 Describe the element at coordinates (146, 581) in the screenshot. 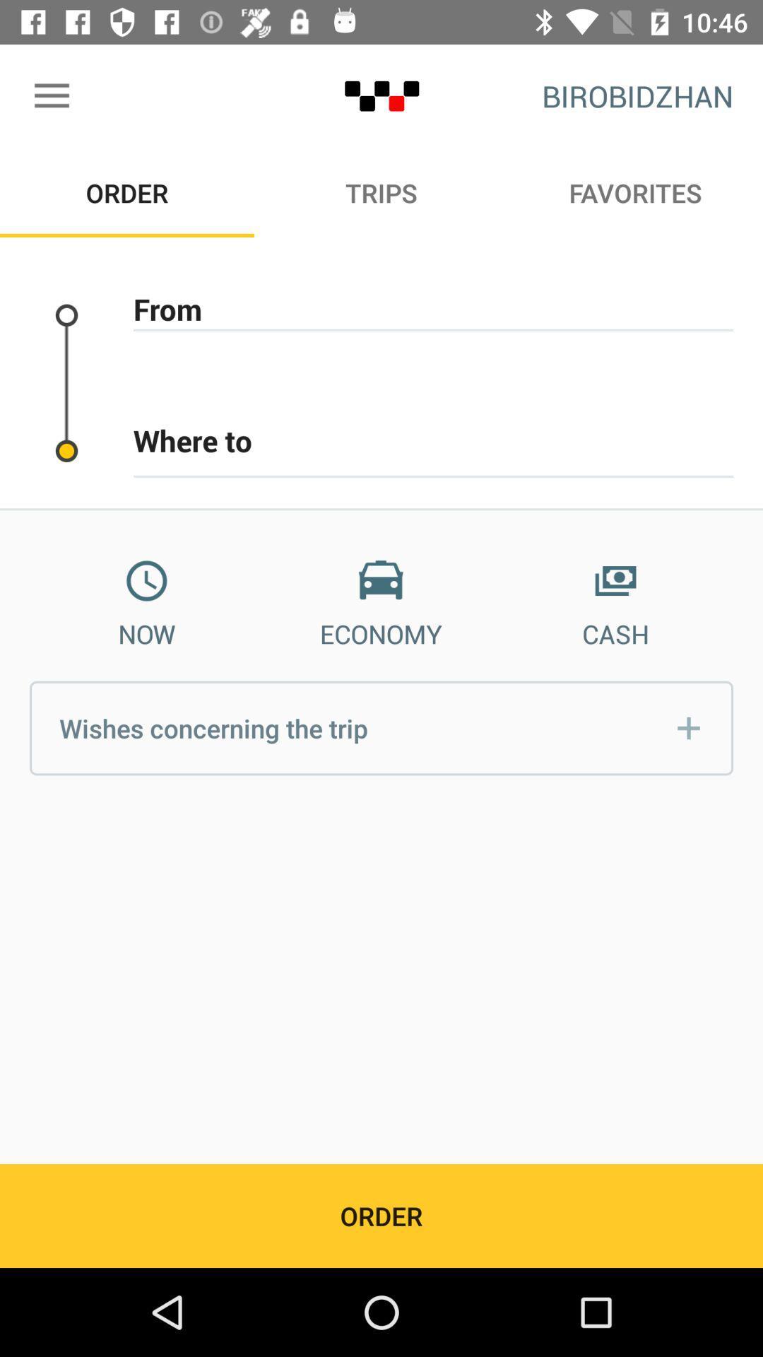

I see `the icon above now` at that location.